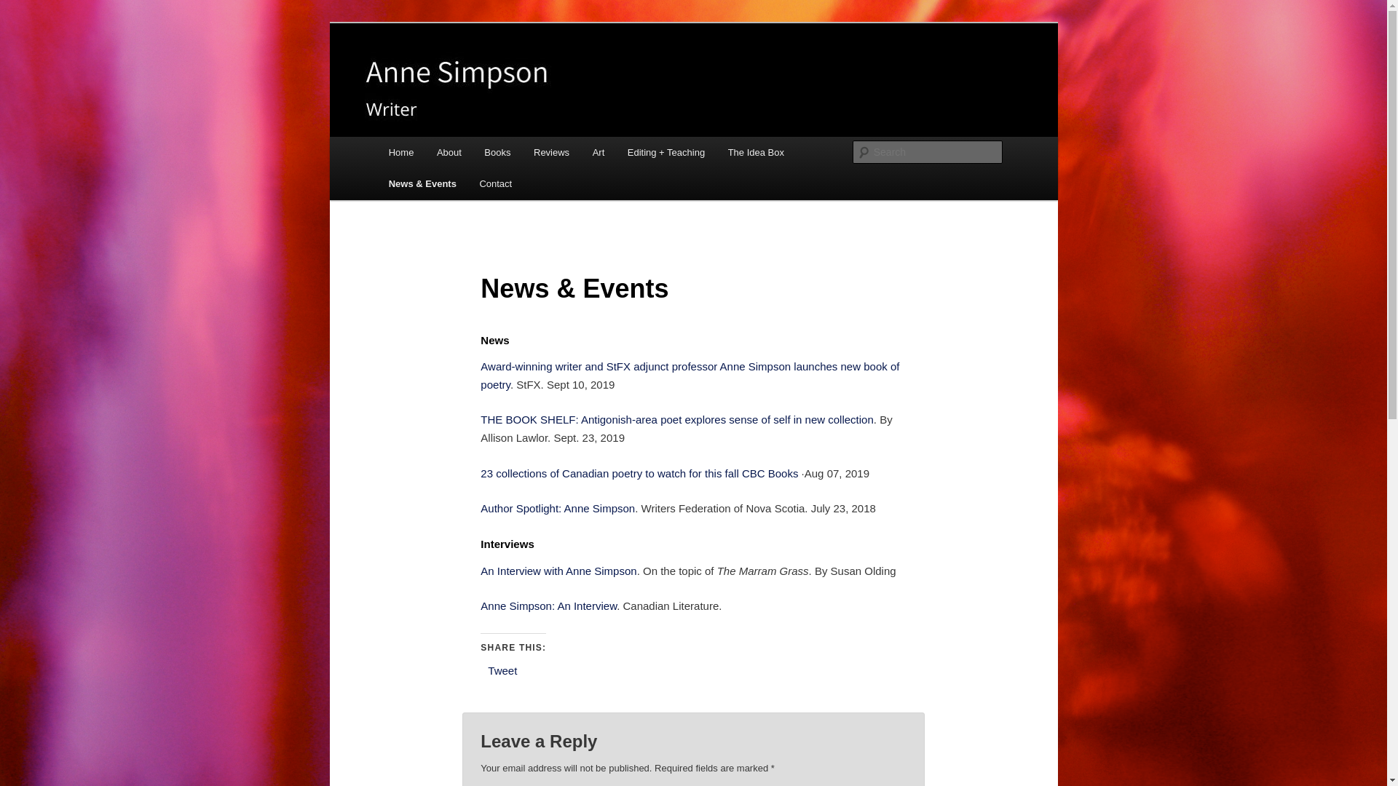 The image size is (1398, 786). What do you see at coordinates (550, 152) in the screenshot?
I see `'Reviews'` at bounding box center [550, 152].